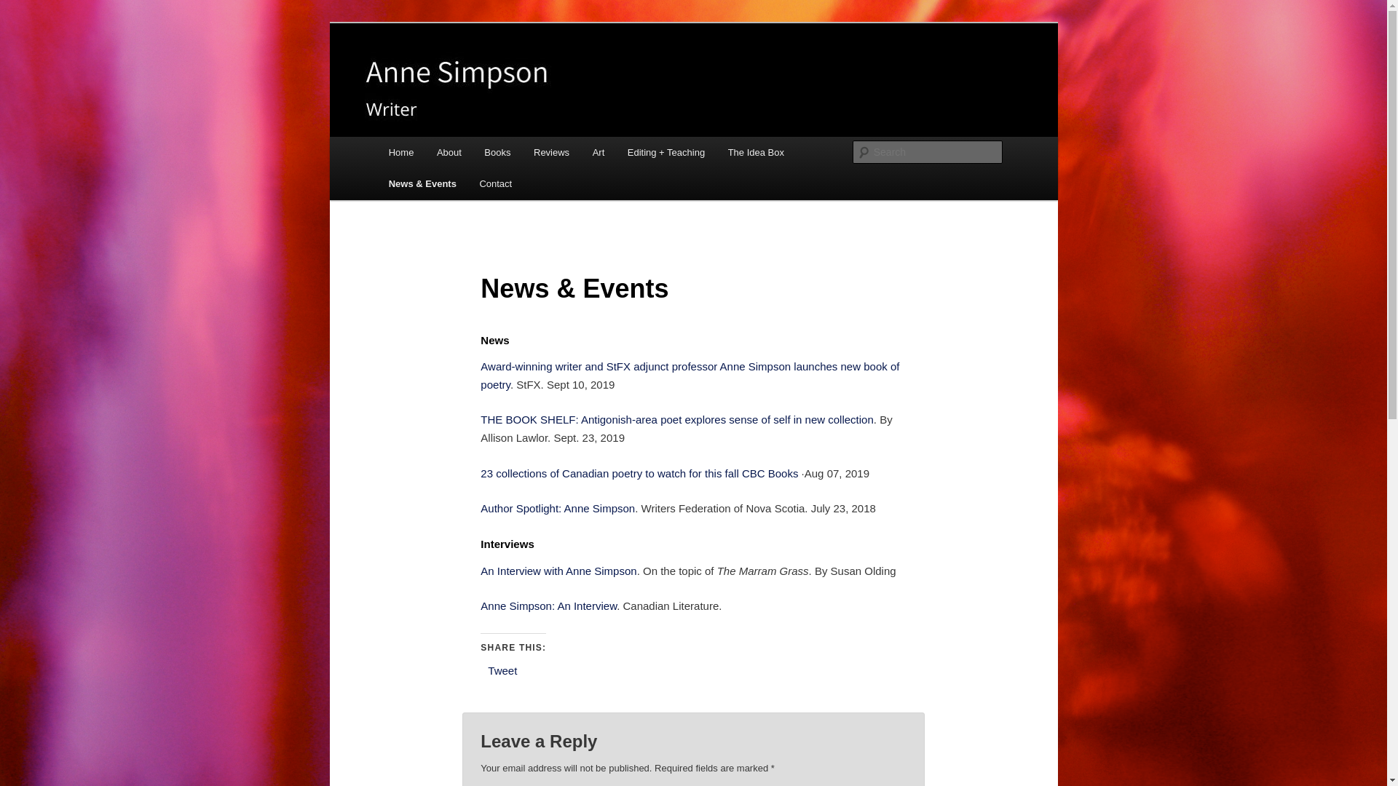 The image size is (1398, 786). What do you see at coordinates (550, 152) in the screenshot?
I see `'Reviews'` at bounding box center [550, 152].